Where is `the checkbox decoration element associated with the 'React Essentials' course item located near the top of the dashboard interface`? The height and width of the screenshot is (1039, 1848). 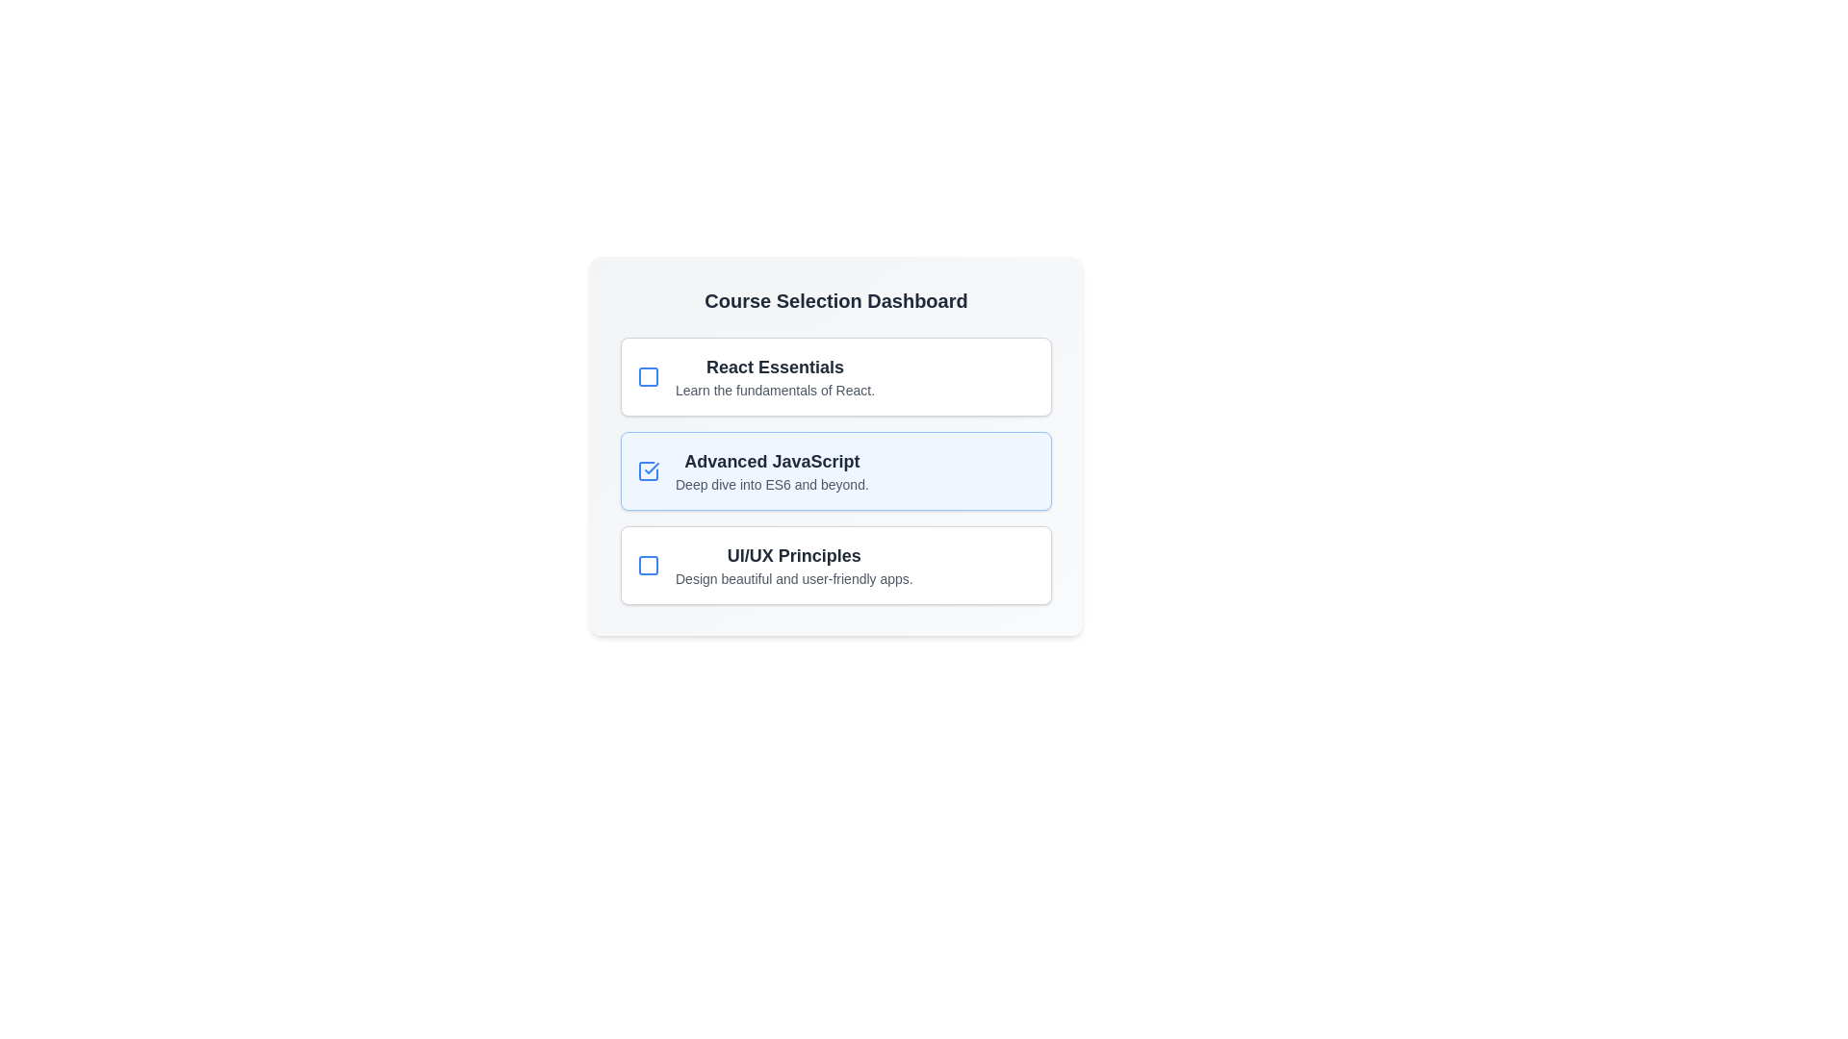
the checkbox decoration element associated with the 'React Essentials' course item located near the top of the dashboard interface is located at coordinates (648, 377).